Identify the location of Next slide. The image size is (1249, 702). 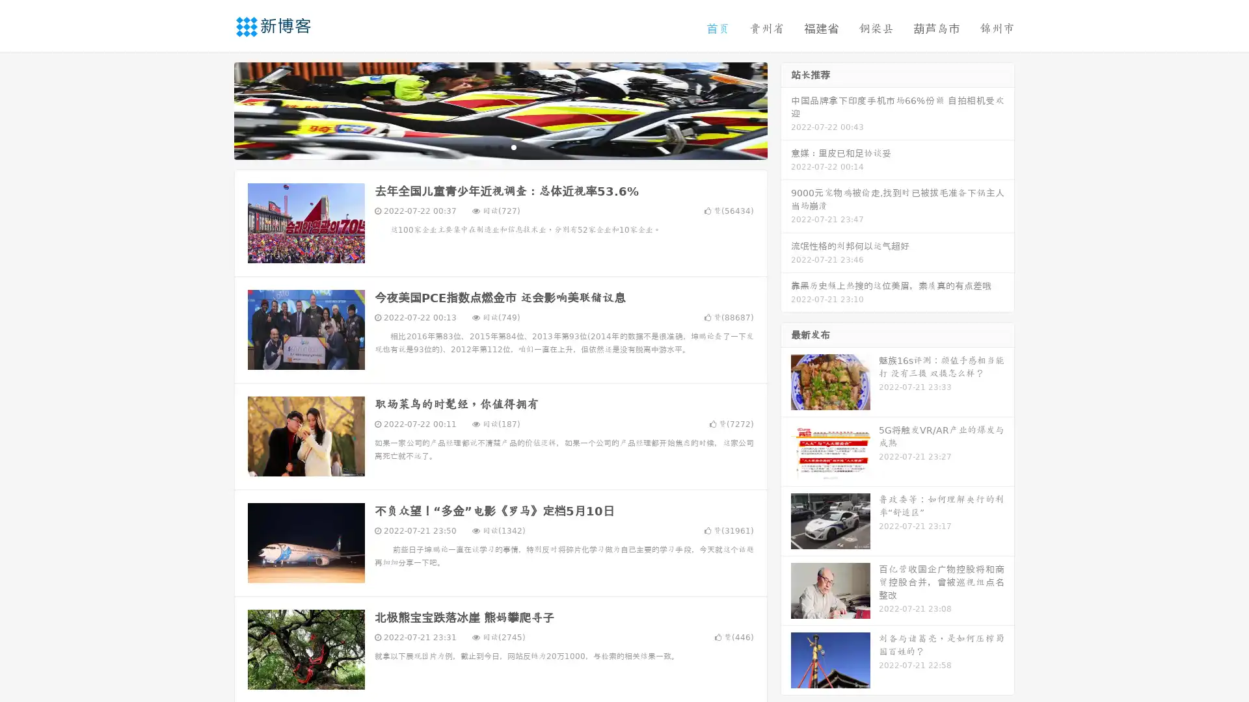
(786, 109).